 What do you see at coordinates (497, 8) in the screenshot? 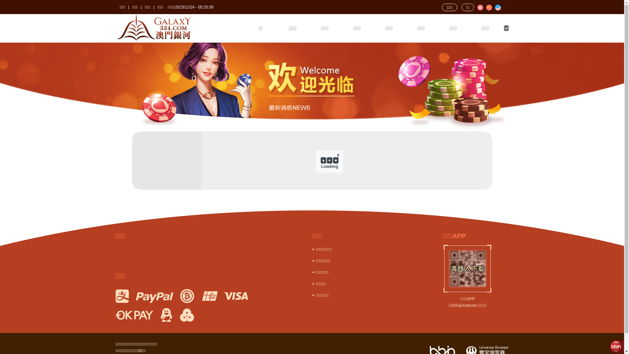
I see `'English'` at bounding box center [497, 8].